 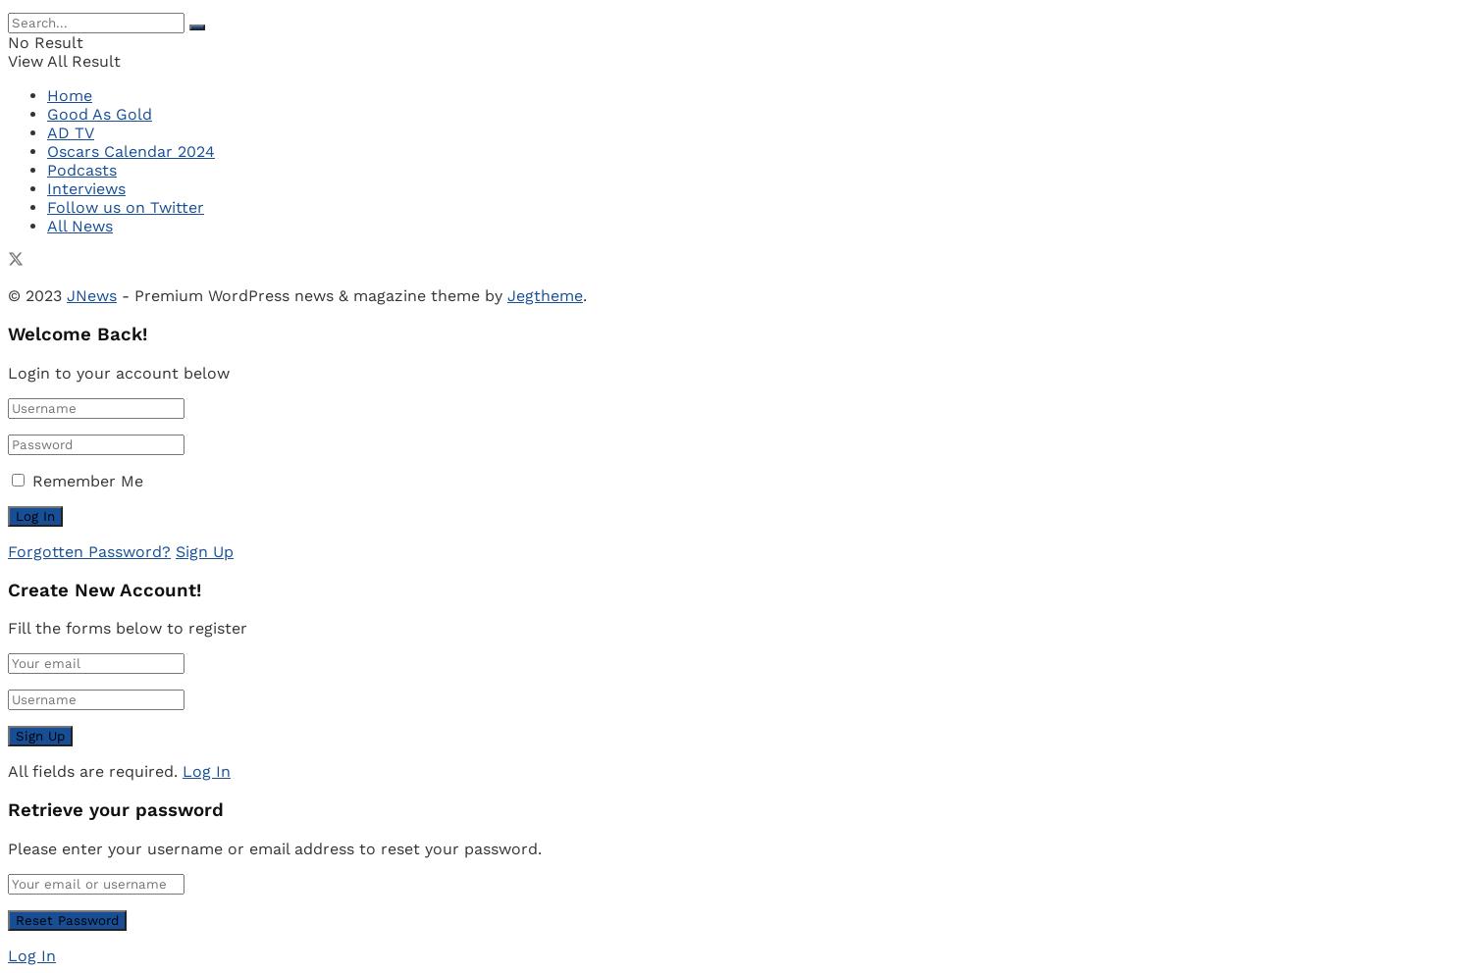 I want to click on 'Please enter your username or email address to reset your password.', so click(x=275, y=846).